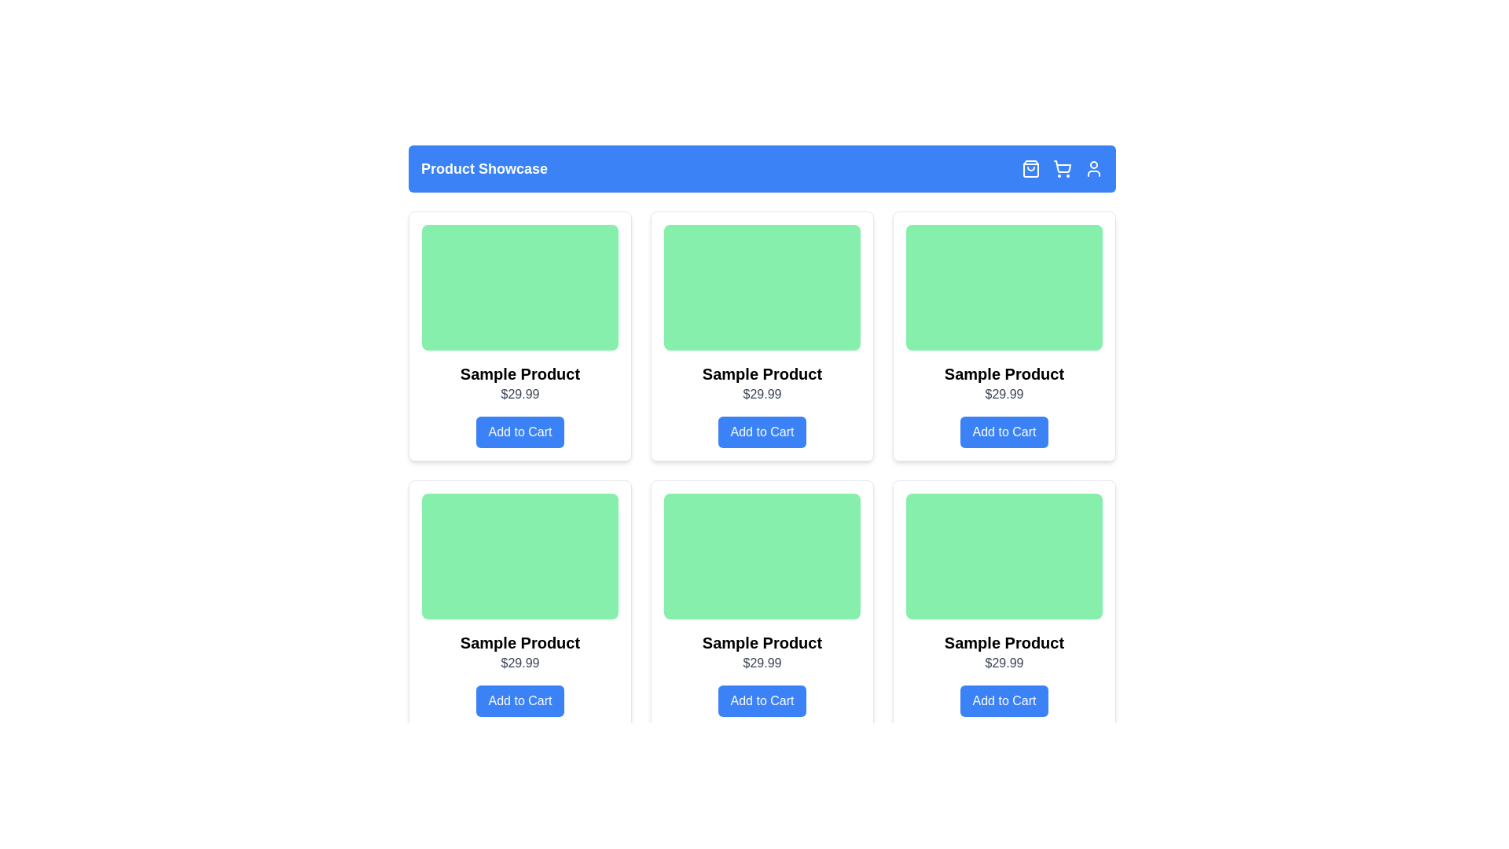  Describe the element at coordinates (1063, 169) in the screenshot. I see `the Shopping Cart icon, which is the second icon from the left in the blue header bar` at that location.